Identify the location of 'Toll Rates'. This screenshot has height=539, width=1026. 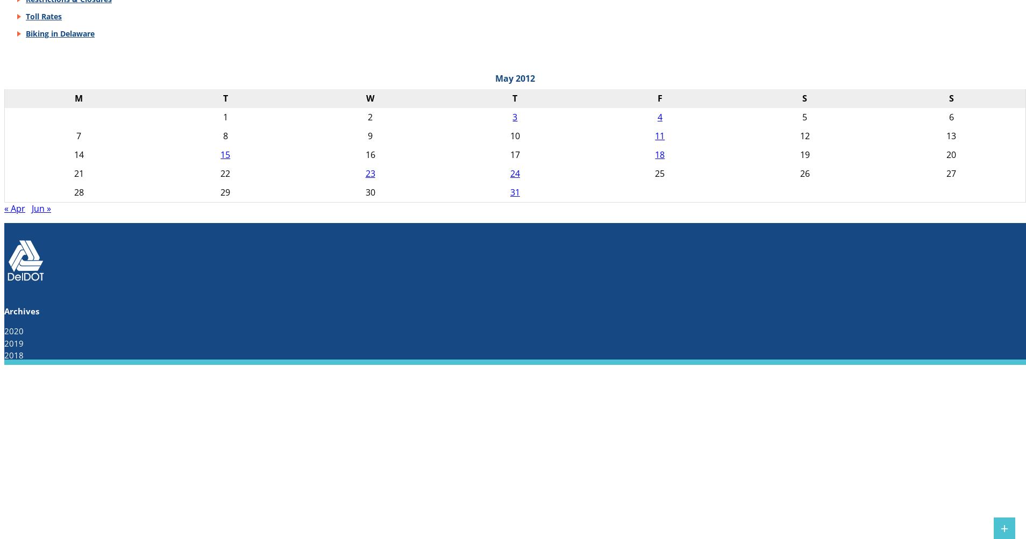
(43, 16).